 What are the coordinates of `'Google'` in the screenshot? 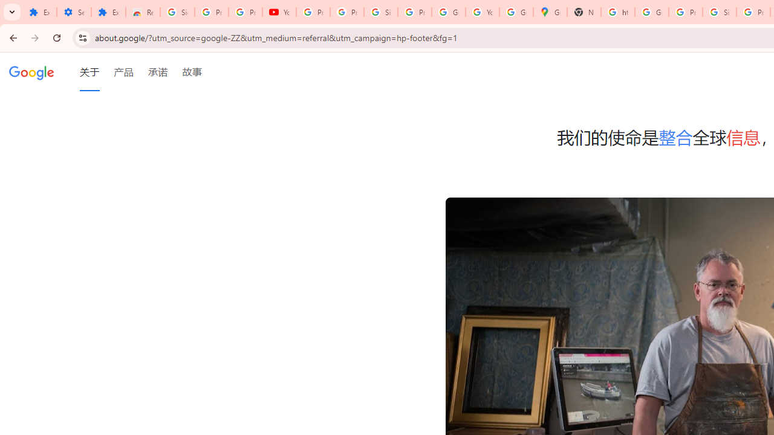 It's located at (31, 72).